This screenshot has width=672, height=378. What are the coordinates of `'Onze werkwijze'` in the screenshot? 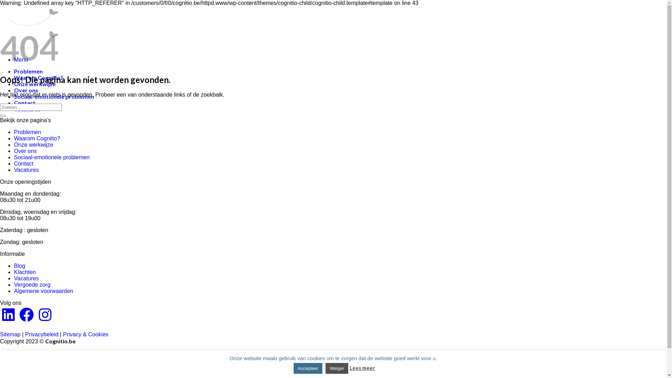 It's located at (34, 367).